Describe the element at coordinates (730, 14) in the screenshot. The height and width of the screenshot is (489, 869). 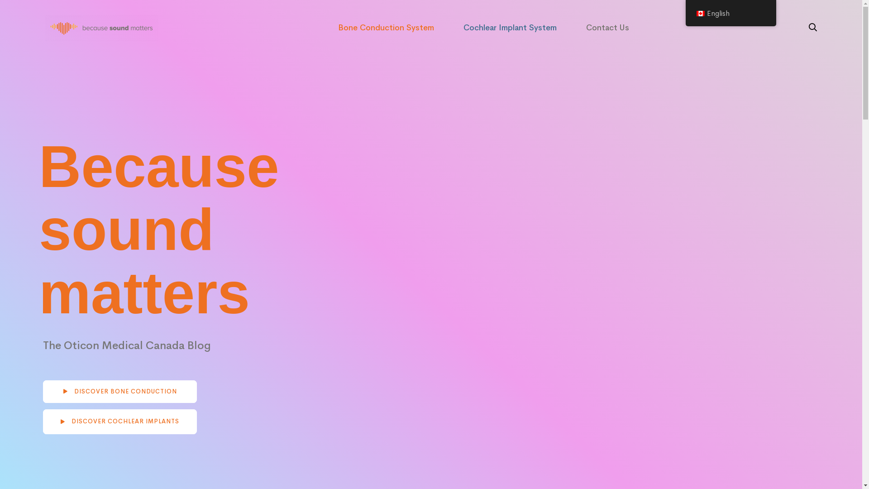
I see `'English'` at that location.